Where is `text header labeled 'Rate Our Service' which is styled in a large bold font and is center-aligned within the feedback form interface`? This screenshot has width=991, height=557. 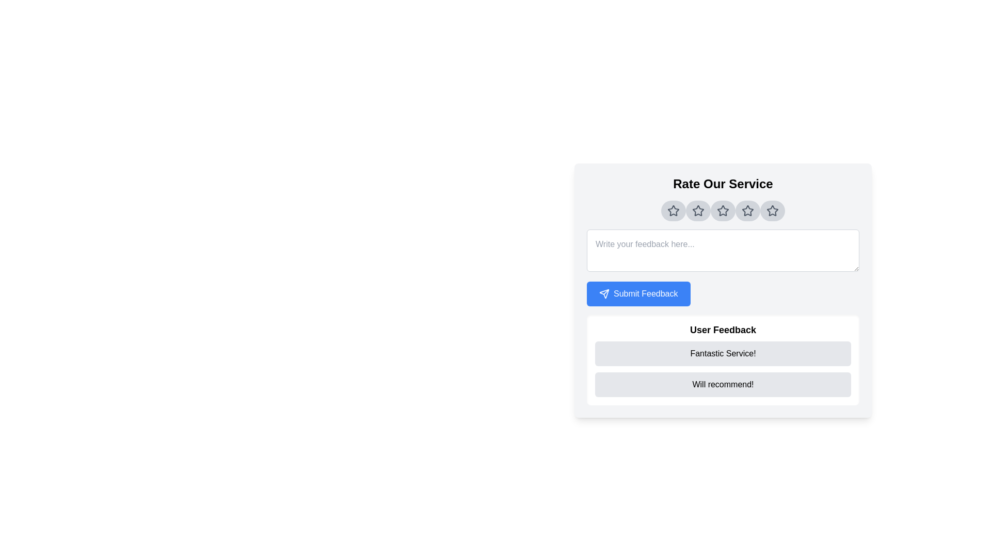
text header labeled 'Rate Our Service' which is styled in a large bold font and is center-aligned within the feedback form interface is located at coordinates (723, 184).